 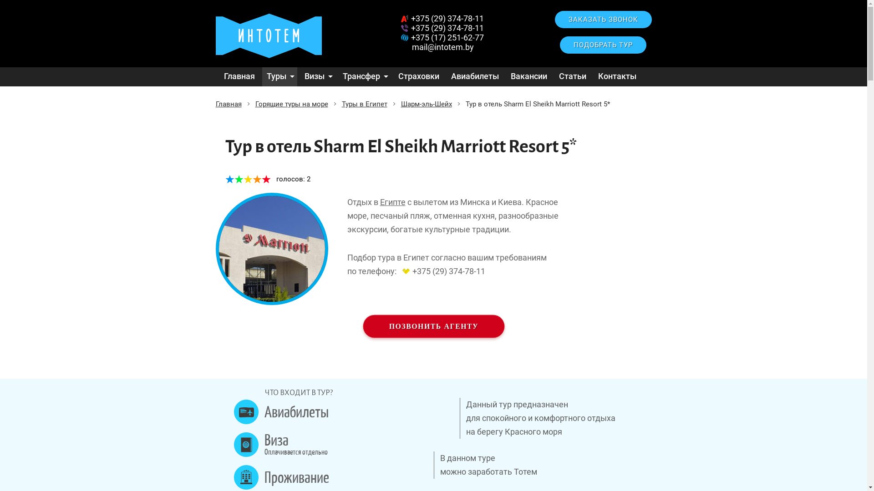 I want to click on '+375 (17) 251-62-77', so click(x=440, y=37).